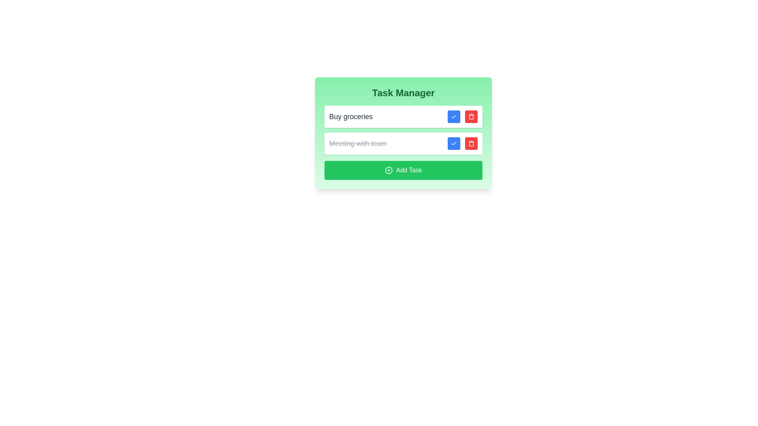 This screenshot has width=758, height=426. What do you see at coordinates (454, 143) in the screenshot?
I see `the square blue button with rounded edges that contains a white checkmark icon, located in the second row of interactive buttons, first button in its row` at bounding box center [454, 143].